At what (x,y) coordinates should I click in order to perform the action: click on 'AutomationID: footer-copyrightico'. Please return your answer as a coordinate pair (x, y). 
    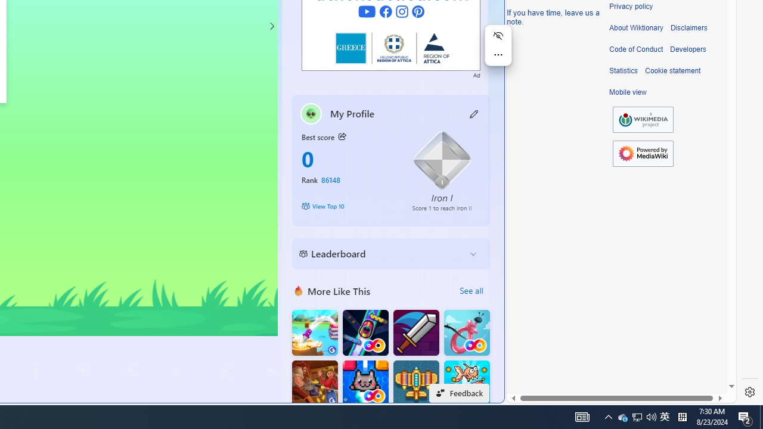
    Looking at the image, I should click on (643, 120).